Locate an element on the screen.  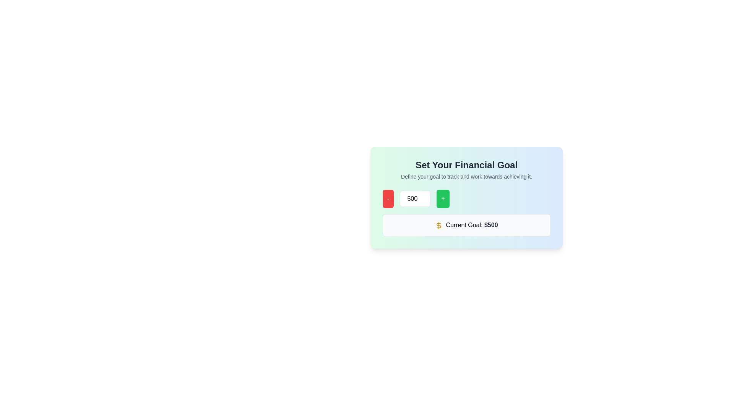
the Text Group that contains the bold text 'Set Your Financial Goal' and the smaller text 'Define your goal to track and work towards achieving it.' is located at coordinates (466, 169).